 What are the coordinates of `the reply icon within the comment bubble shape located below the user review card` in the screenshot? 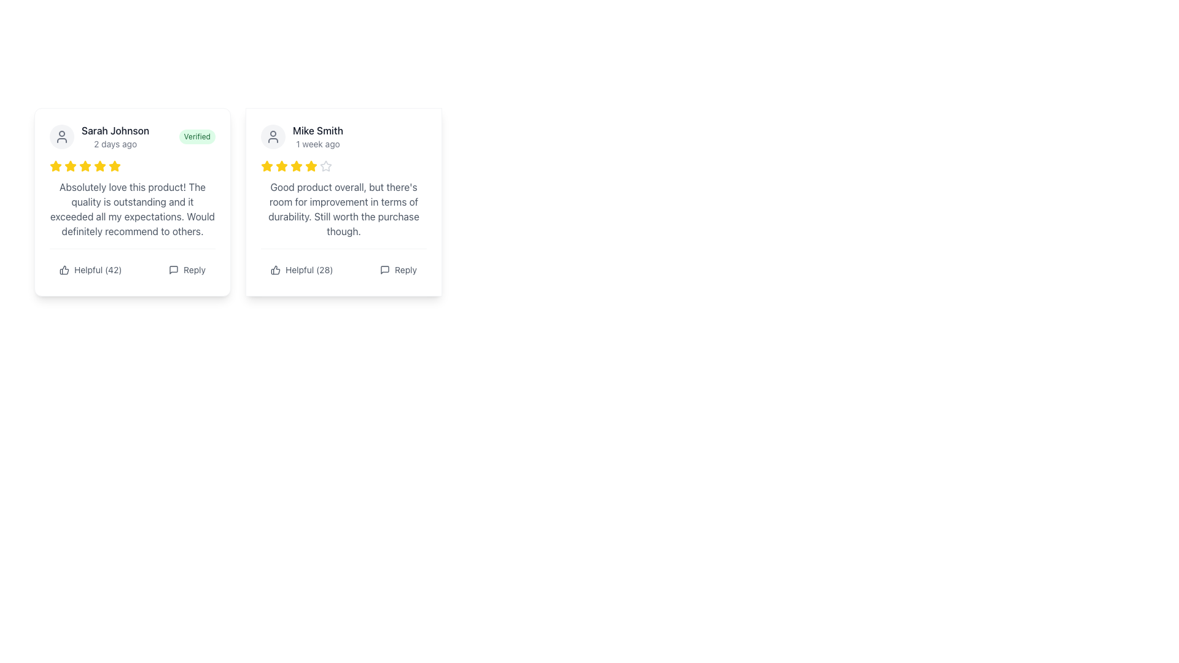 It's located at (173, 269).